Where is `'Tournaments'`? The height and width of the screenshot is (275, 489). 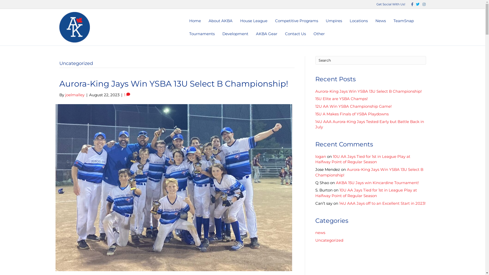
'Tournaments' is located at coordinates (201, 34).